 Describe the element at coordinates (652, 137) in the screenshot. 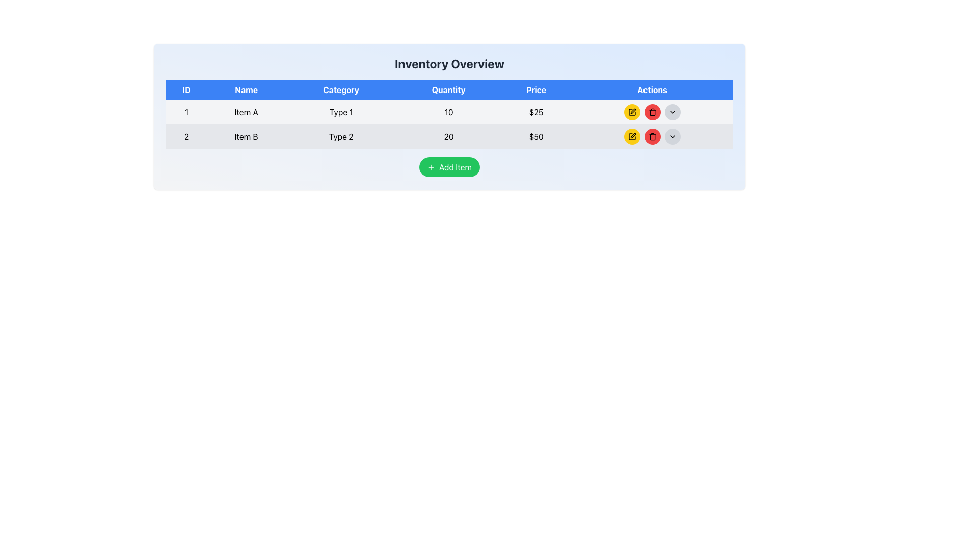

I see `the trash icon button located in the 'Actions' column of the second row in the 'Inventory Overview' table` at that location.